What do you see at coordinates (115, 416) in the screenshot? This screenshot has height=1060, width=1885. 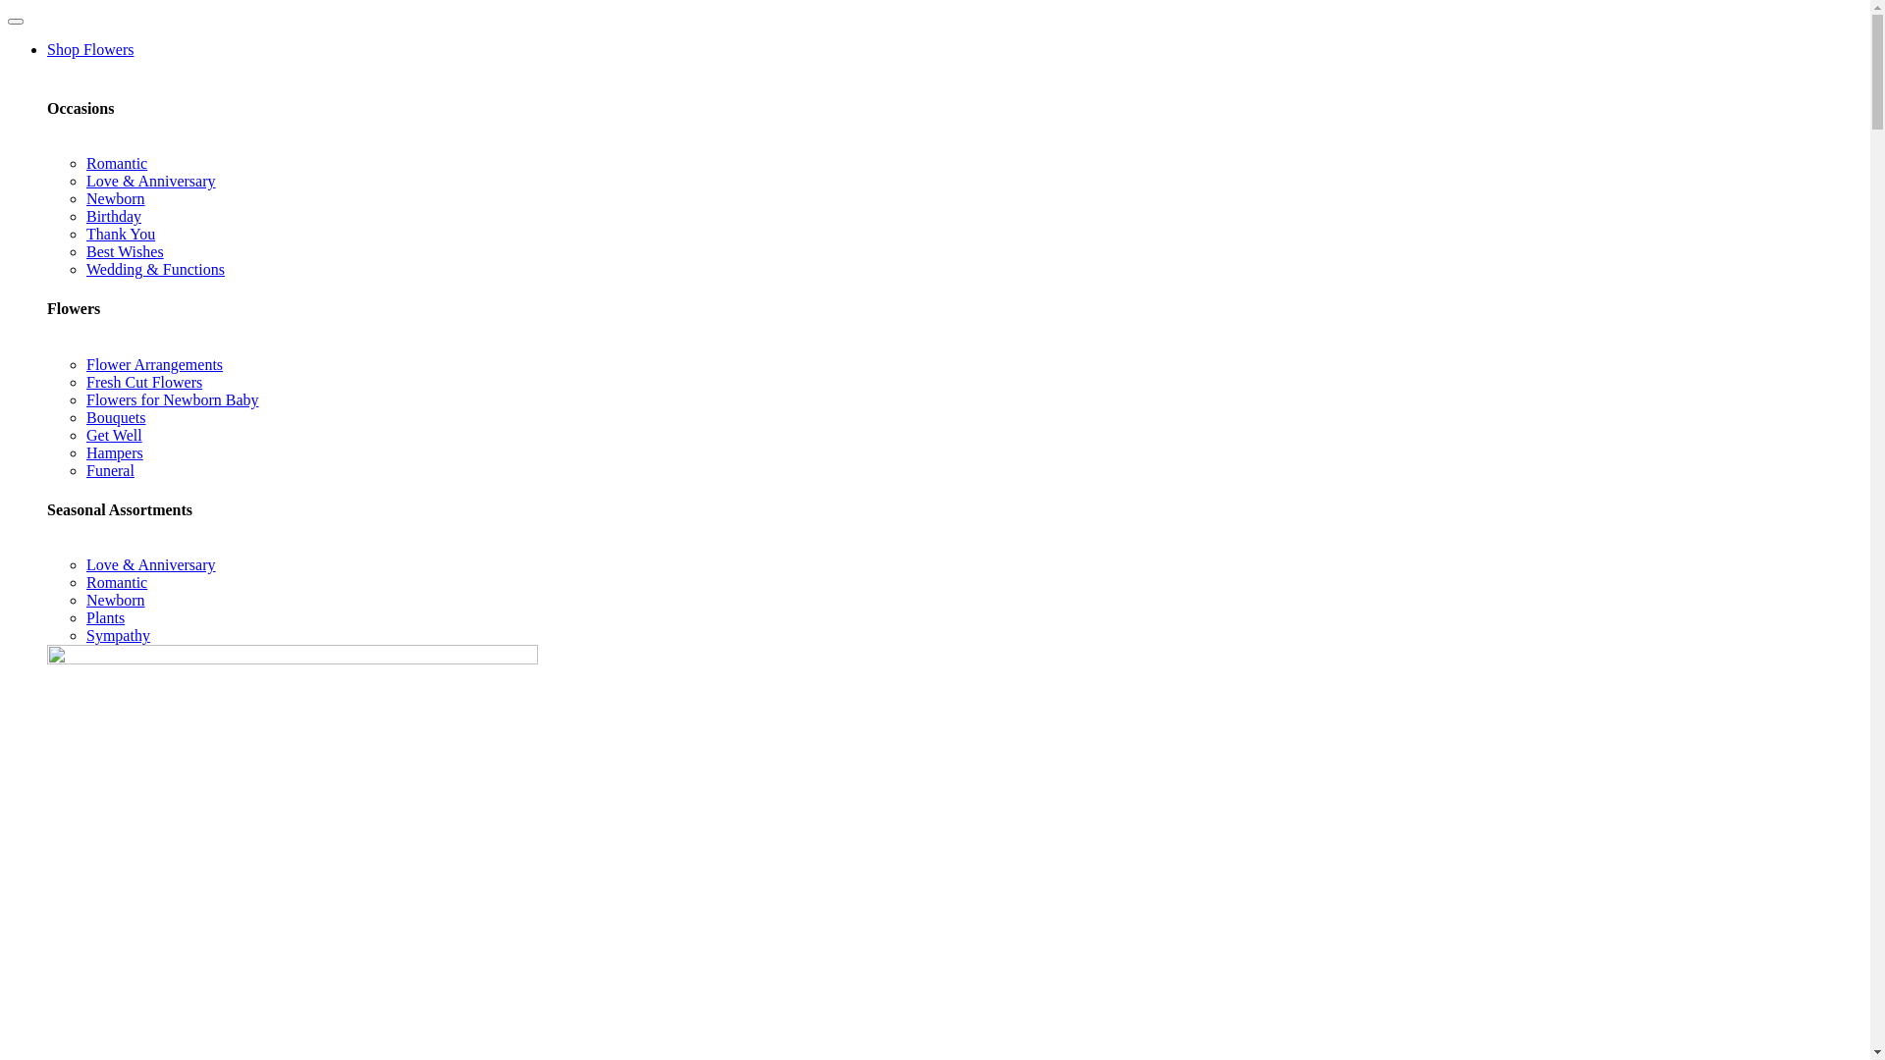 I see `'Bouquets'` at bounding box center [115, 416].